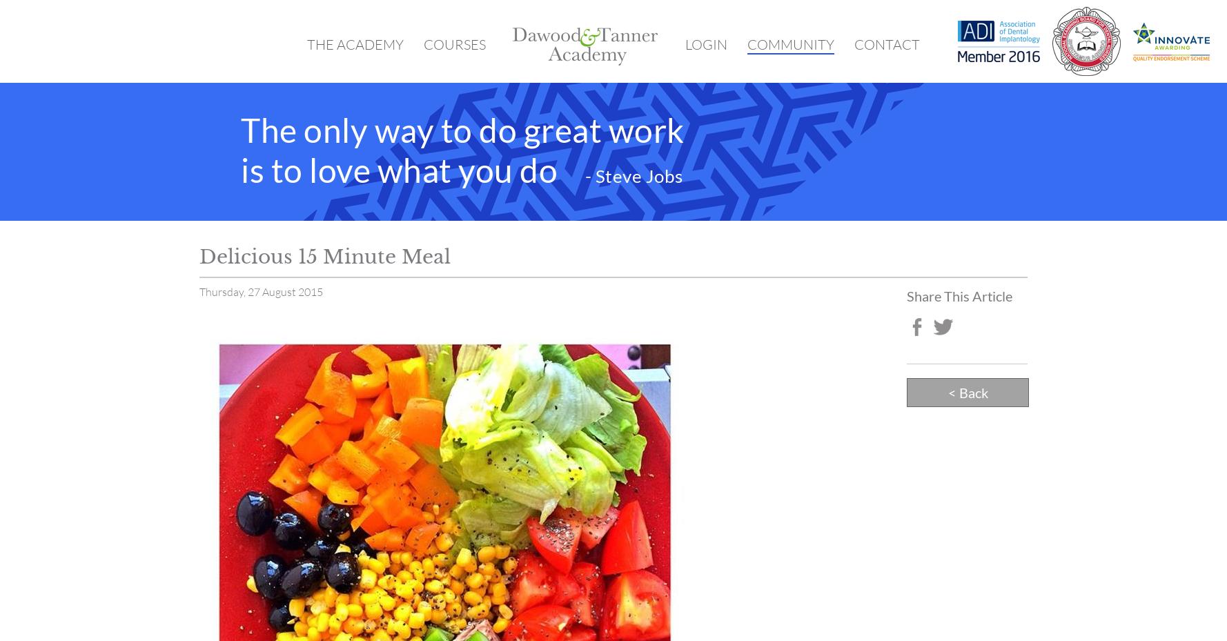 The height and width of the screenshot is (641, 1227). What do you see at coordinates (706, 43) in the screenshot?
I see `'Login'` at bounding box center [706, 43].